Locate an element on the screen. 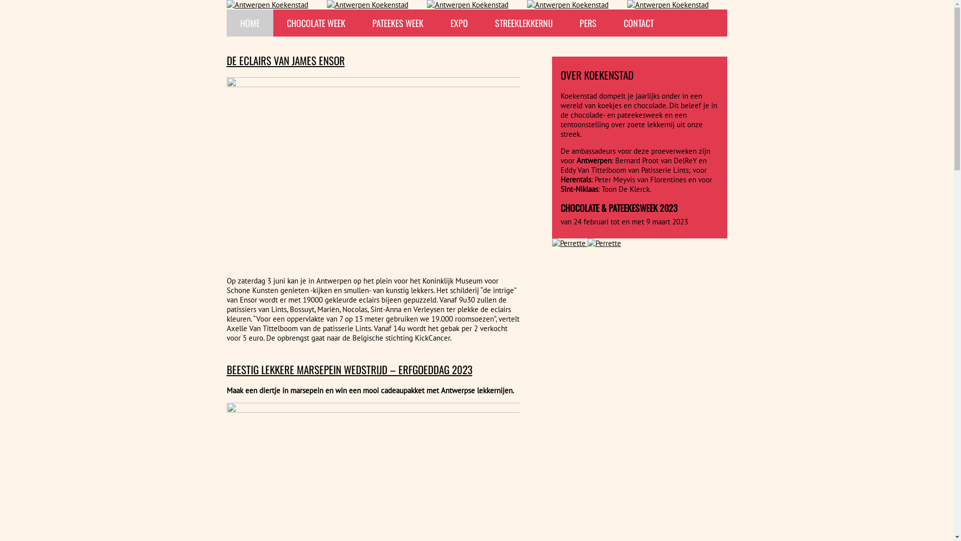  'PATEEKES WEEK' is located at coordinates (396, 23).